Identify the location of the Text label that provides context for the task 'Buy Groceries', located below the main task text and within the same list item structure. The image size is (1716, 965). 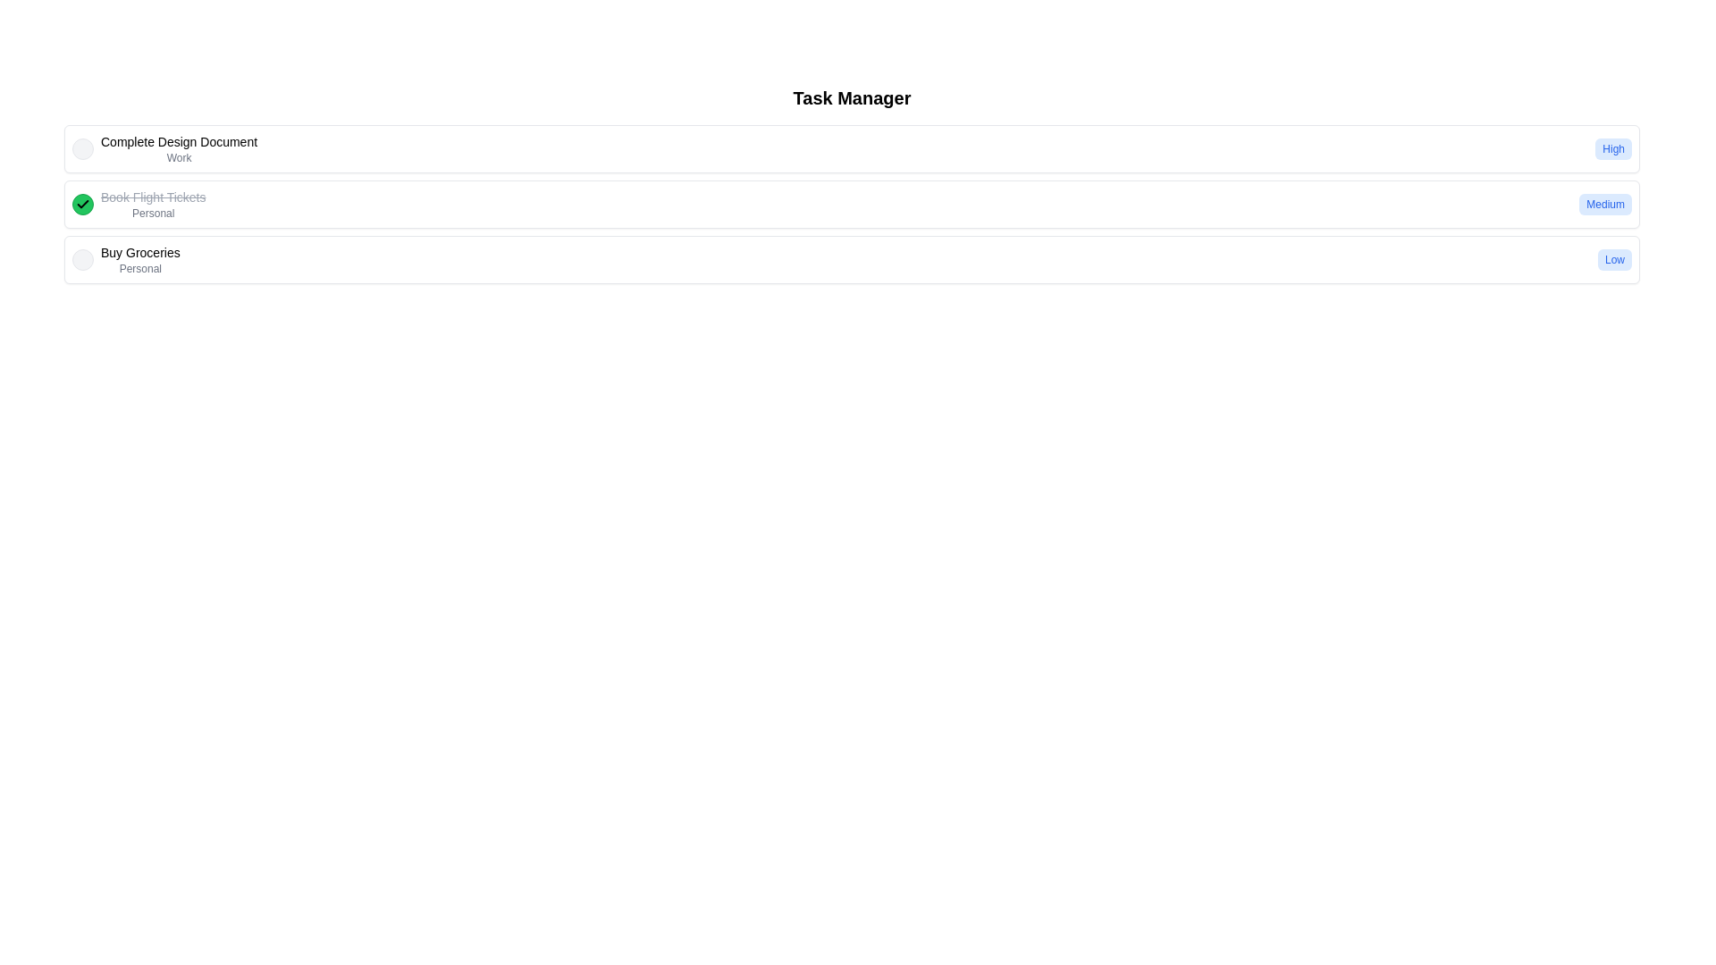
(139, 268).